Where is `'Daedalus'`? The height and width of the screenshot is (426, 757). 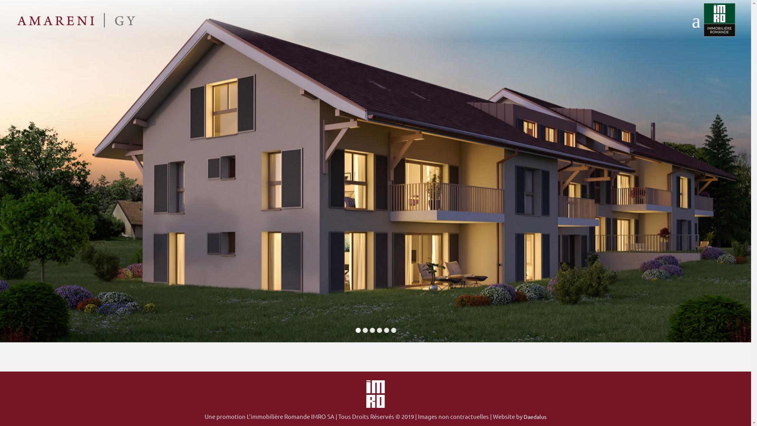
'Daedalus' is located at coordinates (535, 416).